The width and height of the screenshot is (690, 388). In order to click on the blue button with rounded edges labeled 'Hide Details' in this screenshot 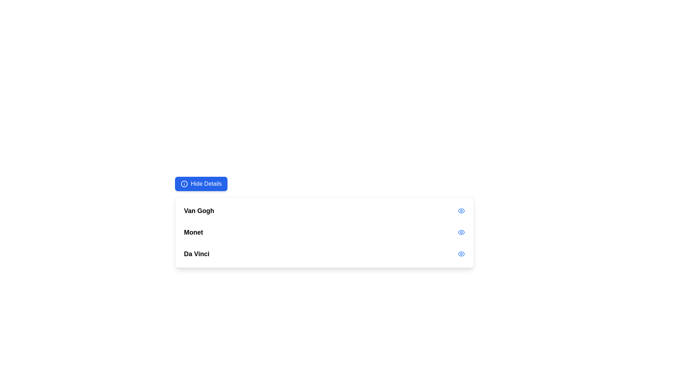, I will do `click(201, 184)`.